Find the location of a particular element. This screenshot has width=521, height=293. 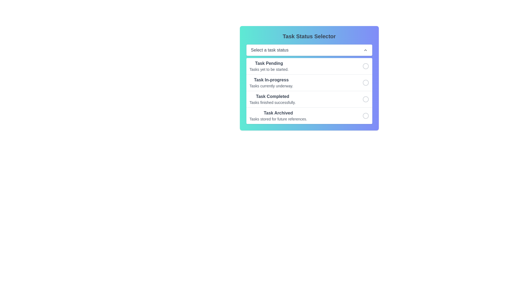

the text label displaying 'Tasks finished successfully.' located below the 'Task Completed' header in the task status selector is located at coordinates (272, 103).